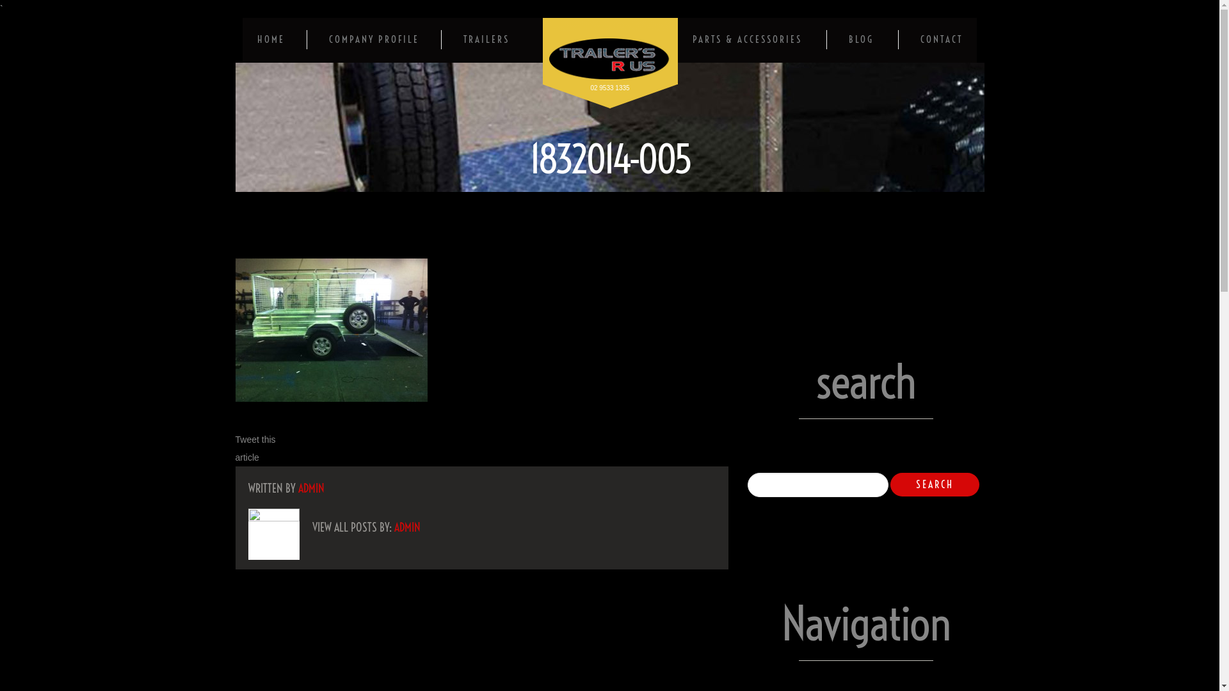 Image resolution: width=1229 pixels, height=691 pixels. What do you see at coordinates (935, 484) in the screenshot?
I see `'search'` at bounding box center [935, 484].